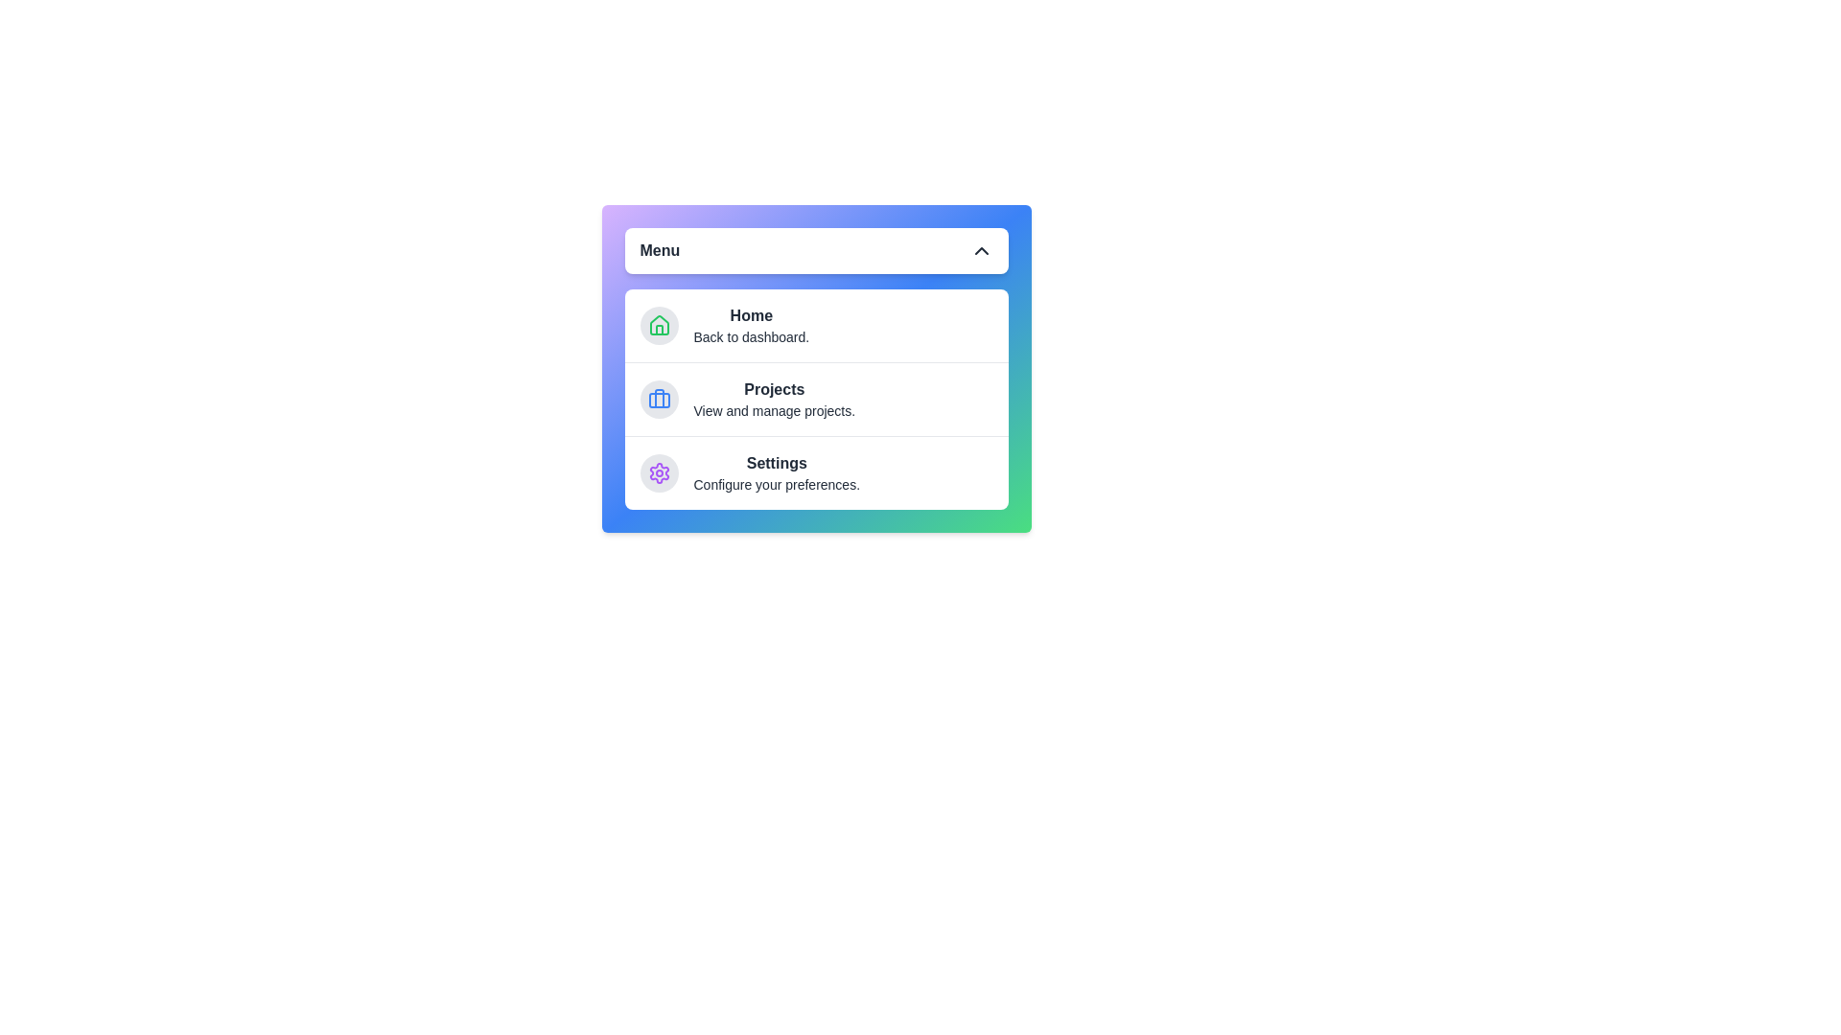  What do you see at coordinates (816, 398) in the screenshot?
I see `the menu item Projects and view its details` at bounding box center [816, 398].